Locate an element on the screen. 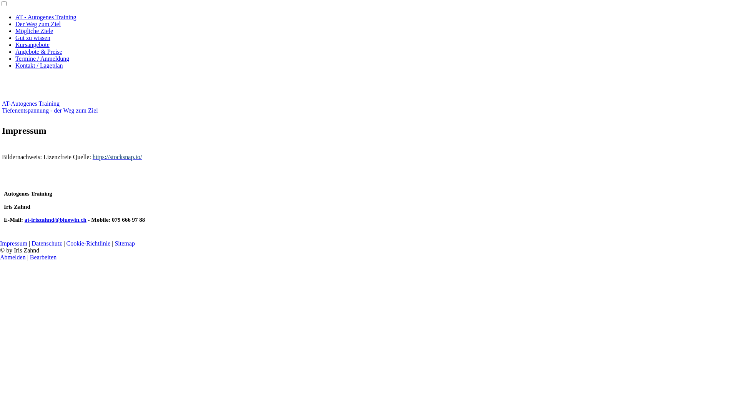  'Angebote & Preise' is located at coordinates (38, 51).